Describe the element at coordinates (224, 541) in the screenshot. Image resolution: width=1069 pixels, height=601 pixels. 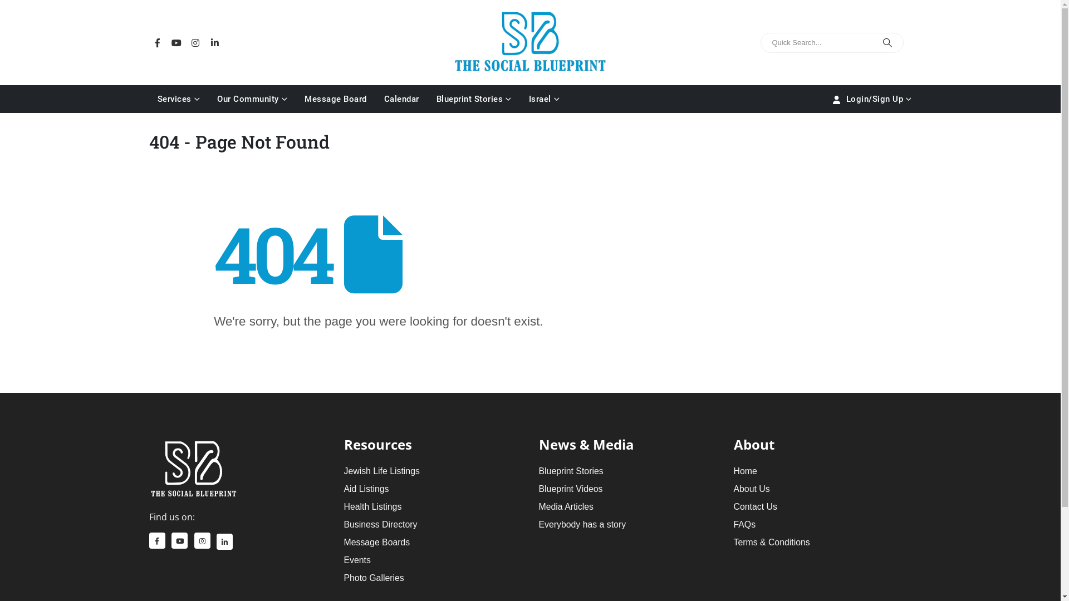
I see `'LinkedIn'` at that location.